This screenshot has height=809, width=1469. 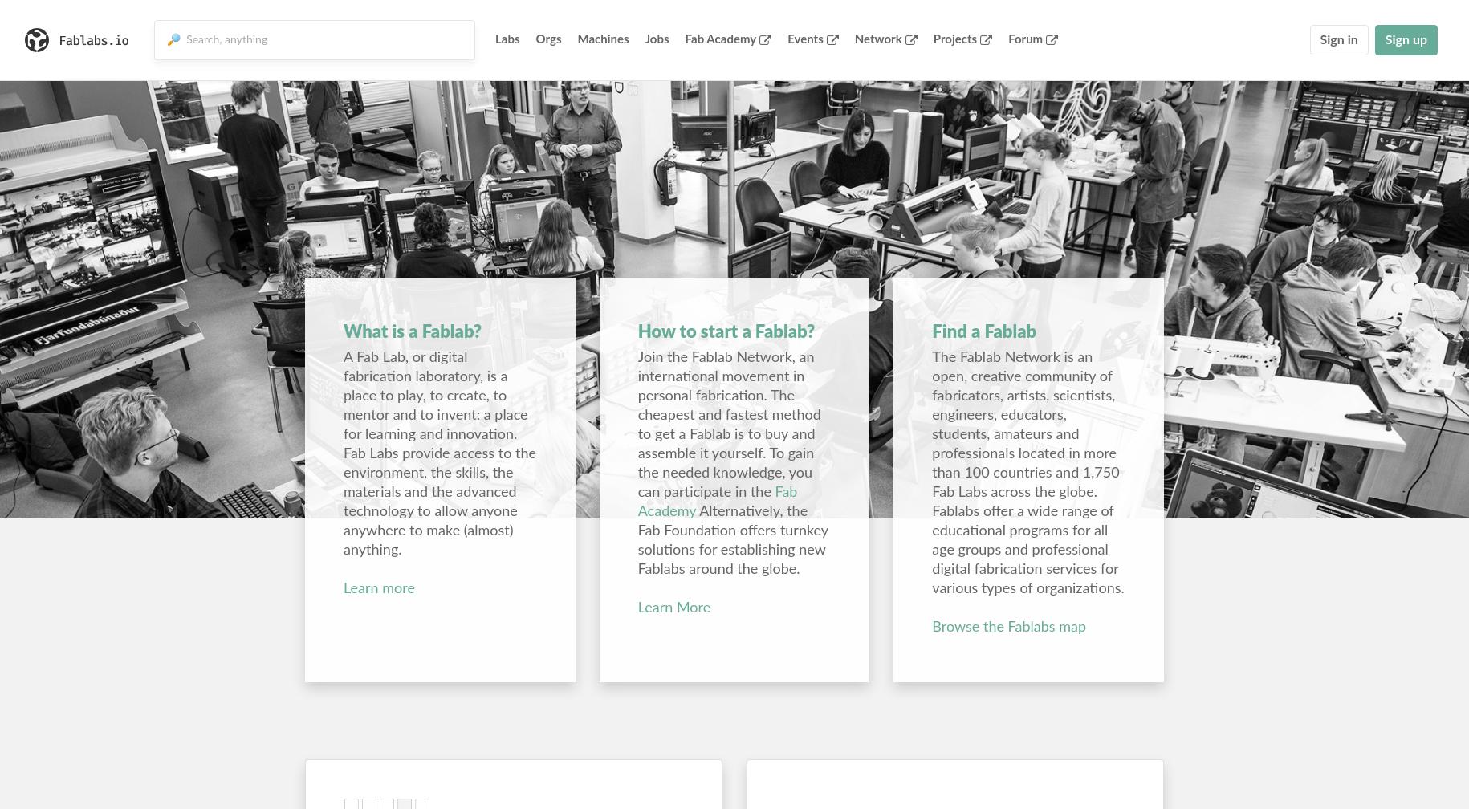 I want to click on 'Labs', so click(x=494, y=39).